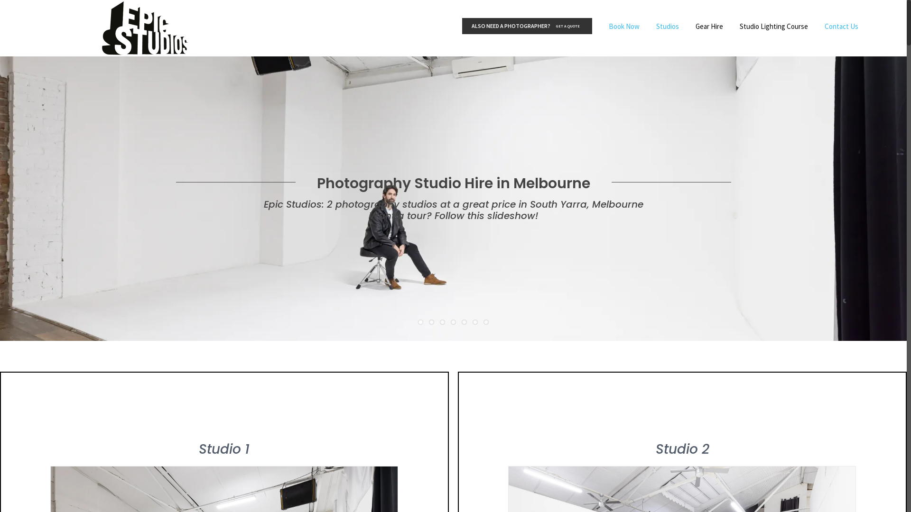 The height and width of the screenshot is (512, 911). Describe the element at coordinates (475, 321) in the screenshot. I see `'6'` at that location.